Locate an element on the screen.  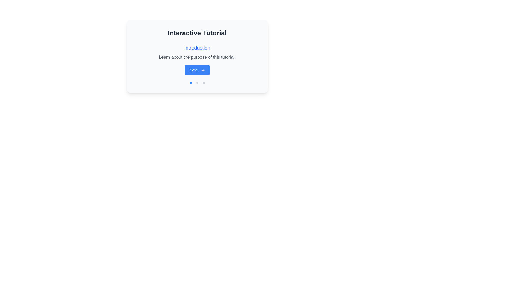
the introductory Text block with a header and subtext located in the middle of a white card below the title 'Interactive Tutorial' is located at coordinates (197, 52).